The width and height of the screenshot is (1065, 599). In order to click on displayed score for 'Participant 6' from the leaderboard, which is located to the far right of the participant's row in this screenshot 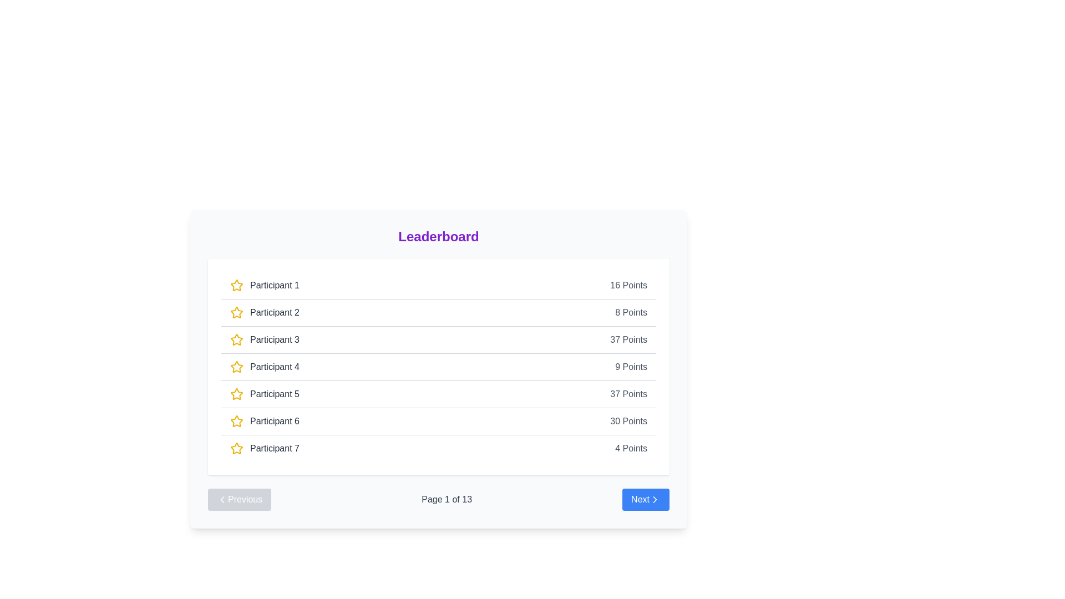, I will do `click(628, 421)`.